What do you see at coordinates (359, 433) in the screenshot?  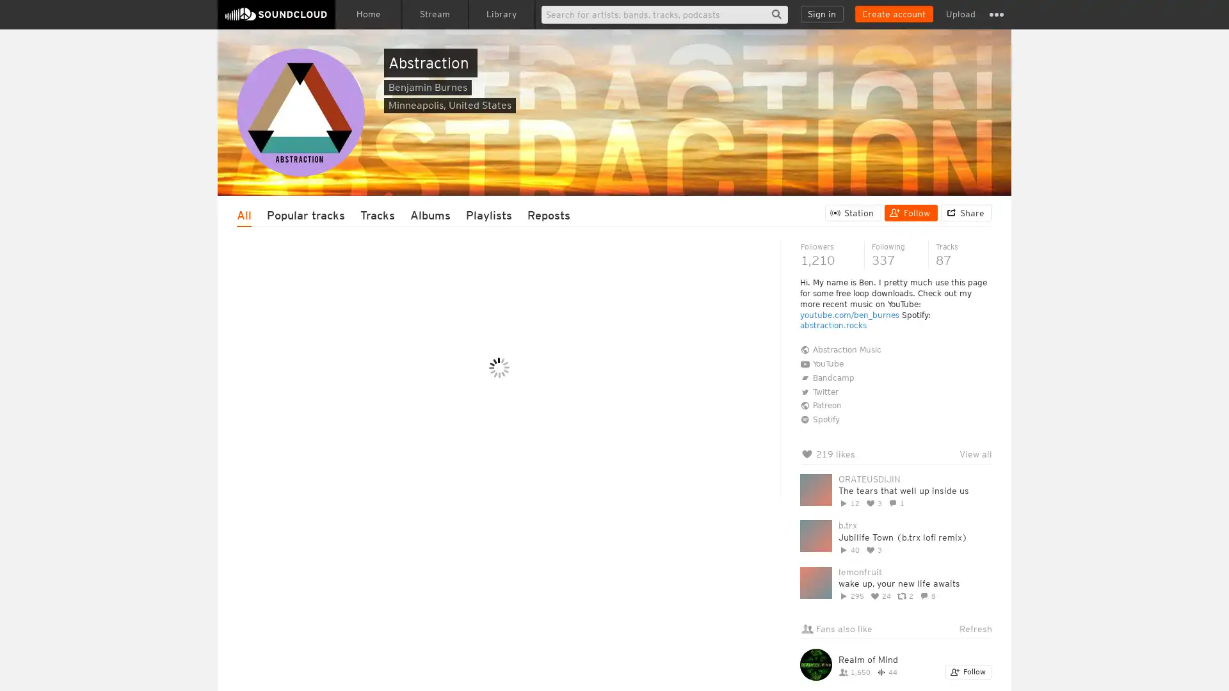 I see `Play` at bounding box center [359, 433].